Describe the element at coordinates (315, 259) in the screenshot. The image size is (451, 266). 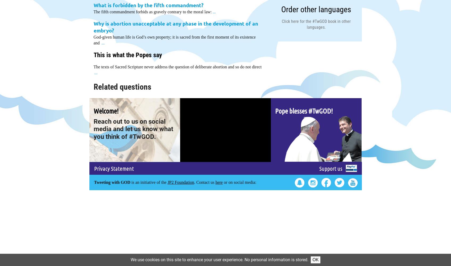
I see `'Ok'` at that location.